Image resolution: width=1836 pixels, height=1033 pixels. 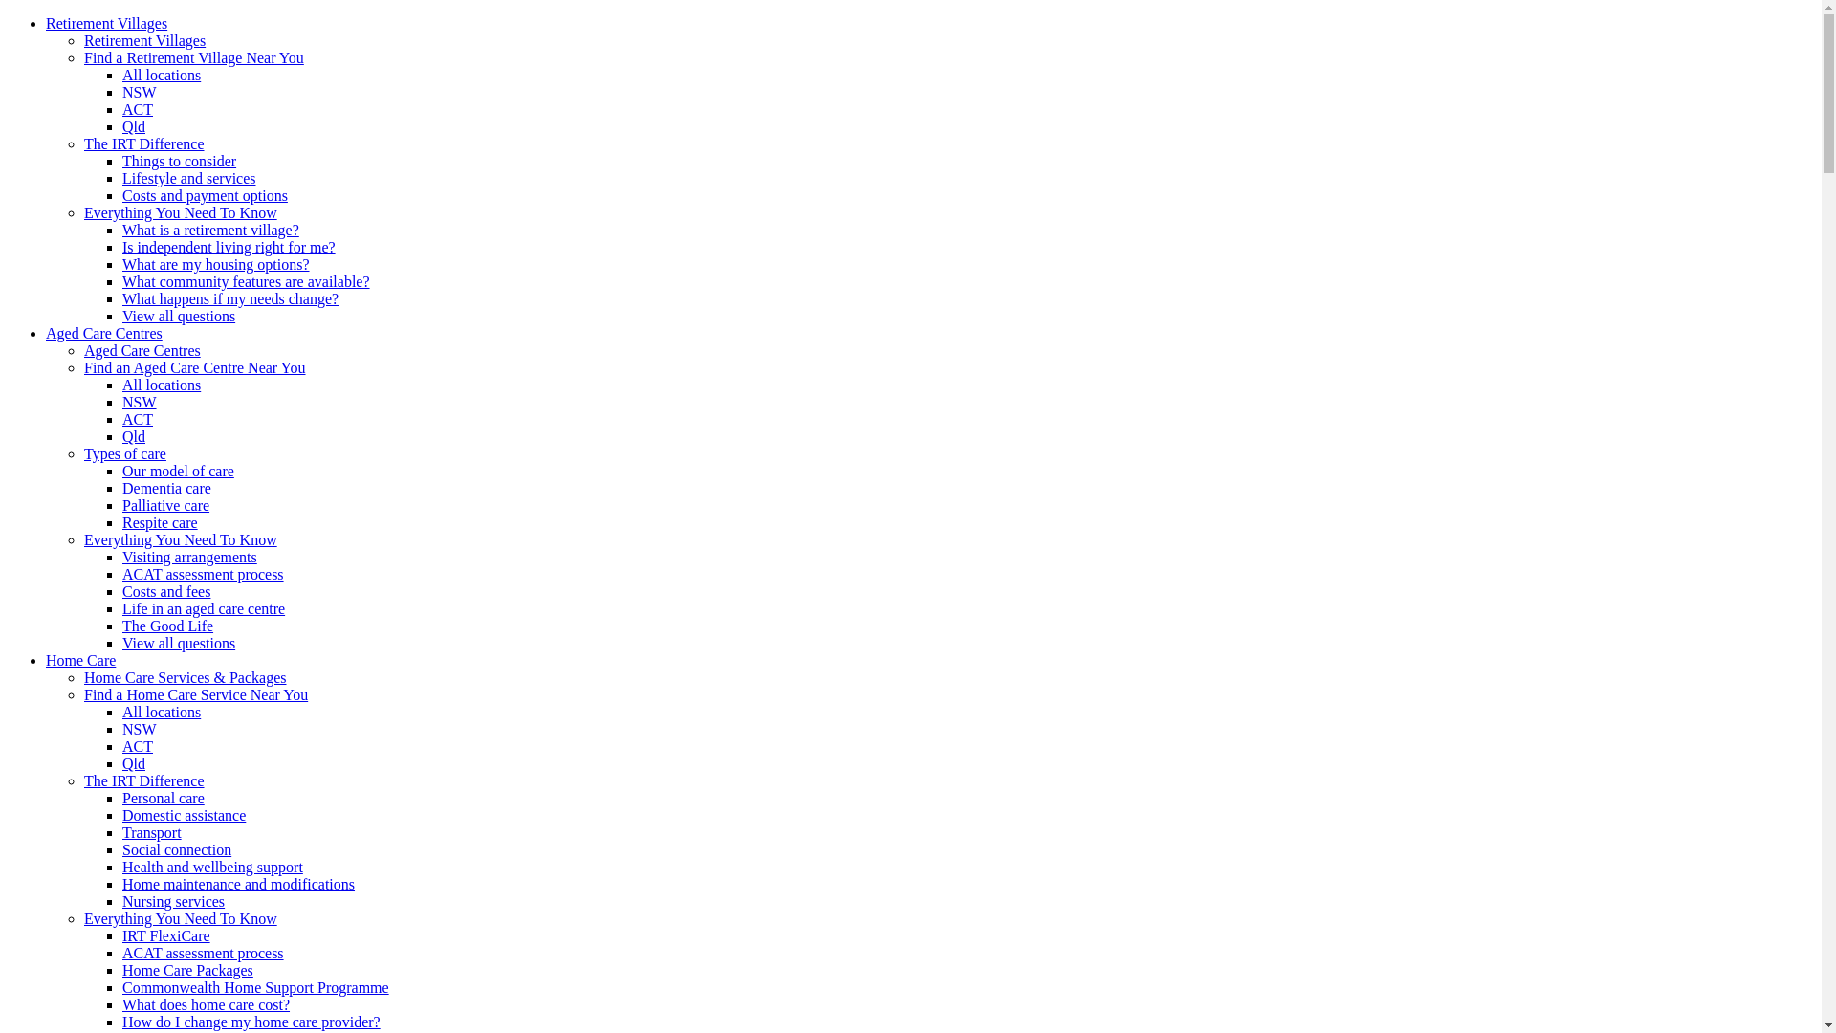 I want to click on 'IRT FlexiCare', so click(x=165, y=934).